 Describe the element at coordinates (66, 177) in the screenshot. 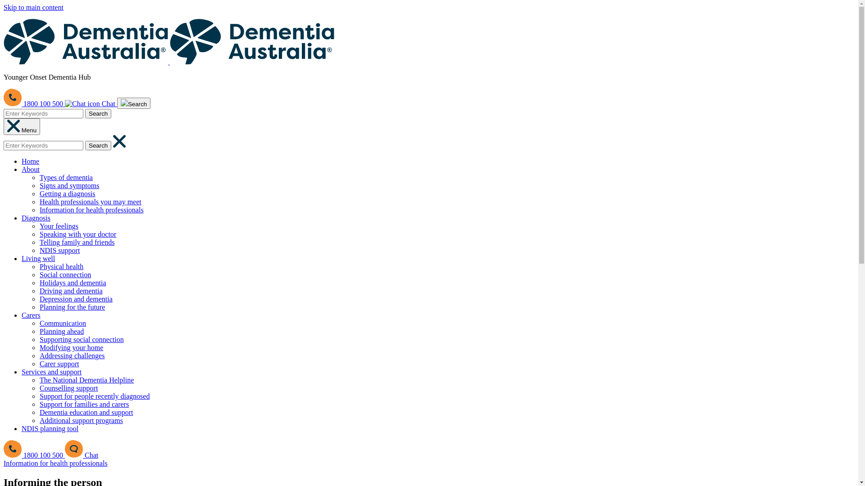

I see `'Types of dementia'` at that location.